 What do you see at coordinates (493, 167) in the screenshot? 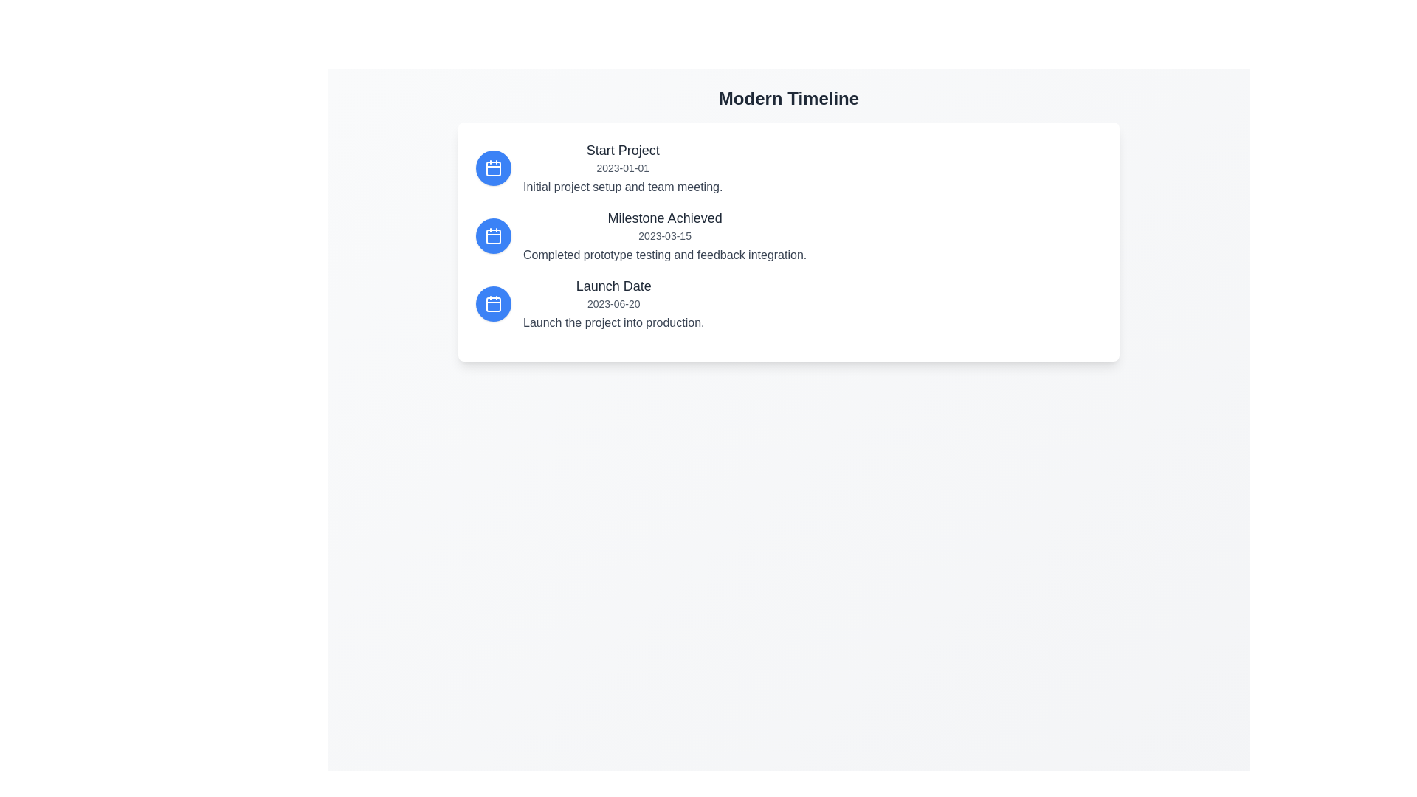
I see `the calendar icon at the top of the vertical sequence of three icons representing timeline events on the central white card` at bounding box center [493, 167].